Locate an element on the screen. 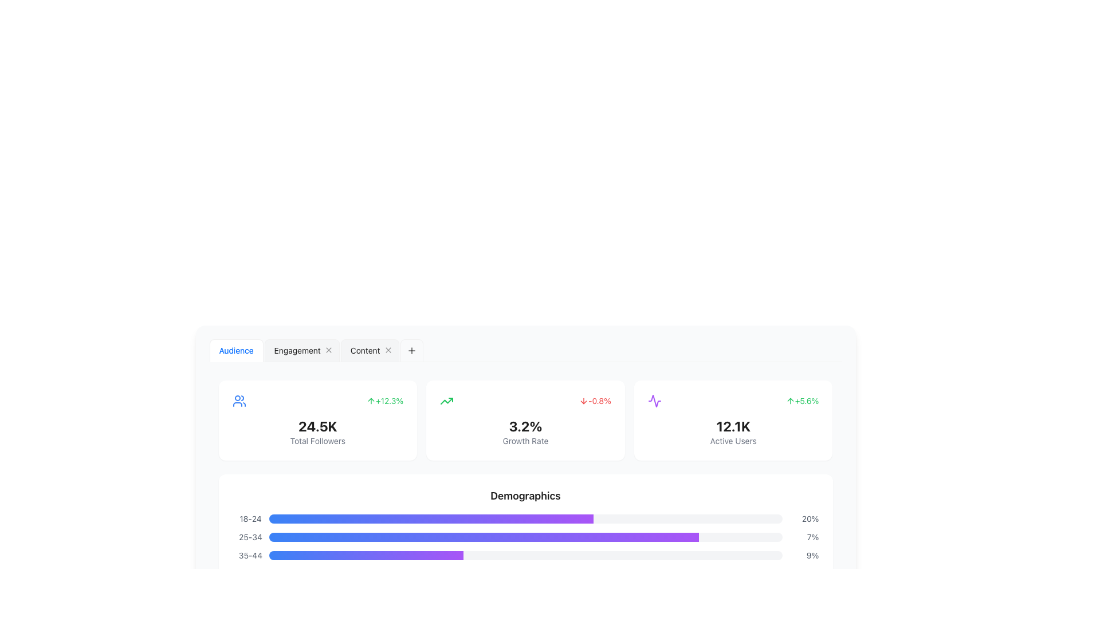 This screenshot has width=1100, height=618. the 'Audience' tab, which is styled as the currently active tab with blue text, underlined and bold formatting, positioned at the top of the page in the tab navigation bar is located at coordinates (235, 350).